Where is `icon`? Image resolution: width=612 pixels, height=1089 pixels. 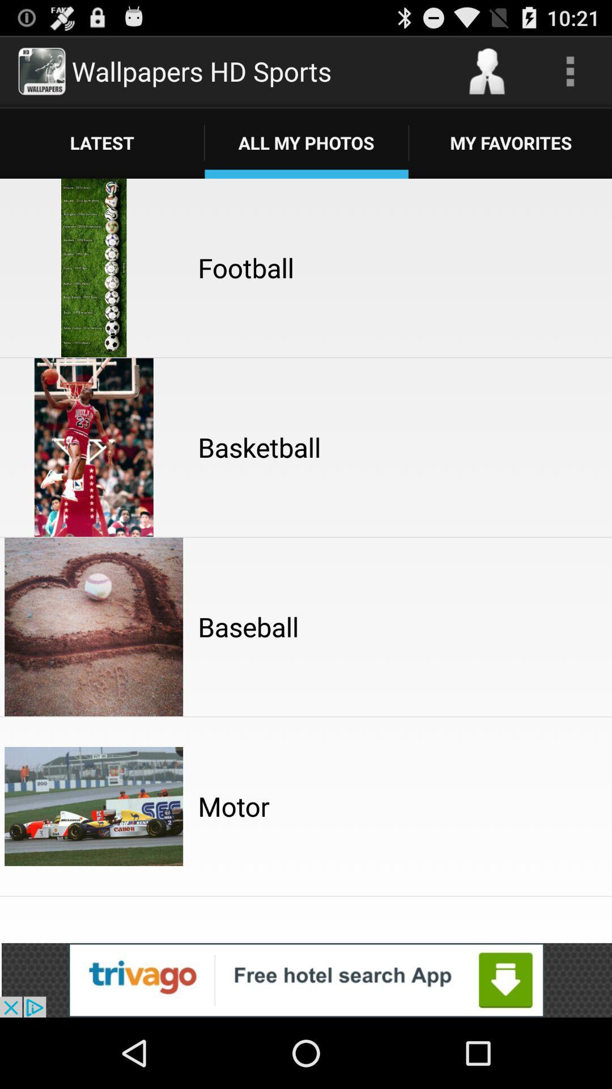 icon is located at coordinates (570, 70).